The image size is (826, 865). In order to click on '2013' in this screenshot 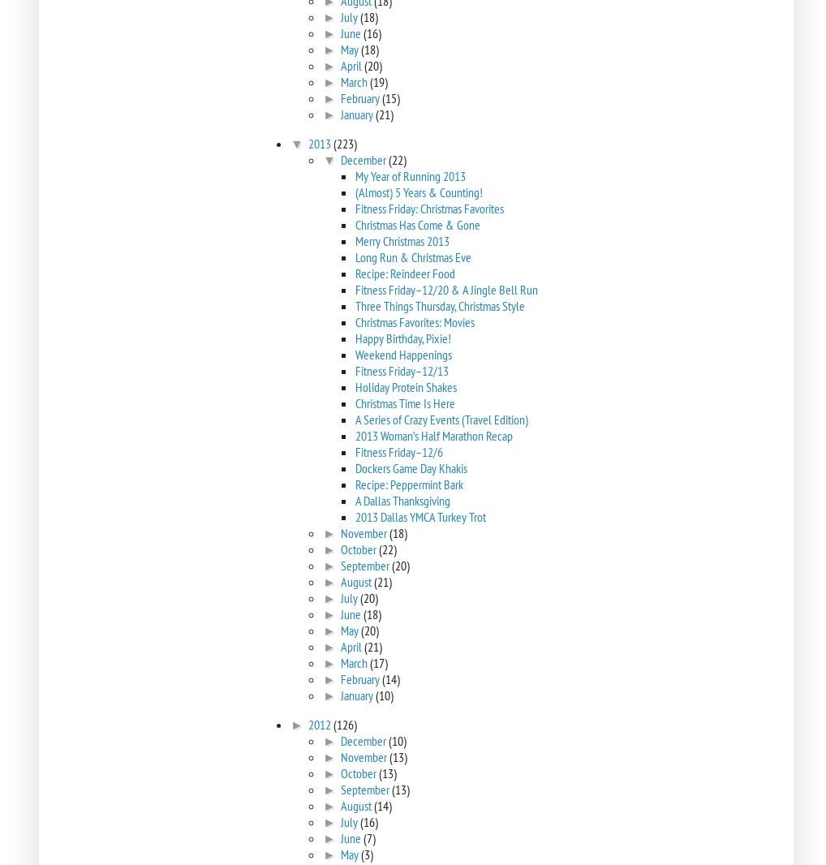, I will do `click(308, 142)`.